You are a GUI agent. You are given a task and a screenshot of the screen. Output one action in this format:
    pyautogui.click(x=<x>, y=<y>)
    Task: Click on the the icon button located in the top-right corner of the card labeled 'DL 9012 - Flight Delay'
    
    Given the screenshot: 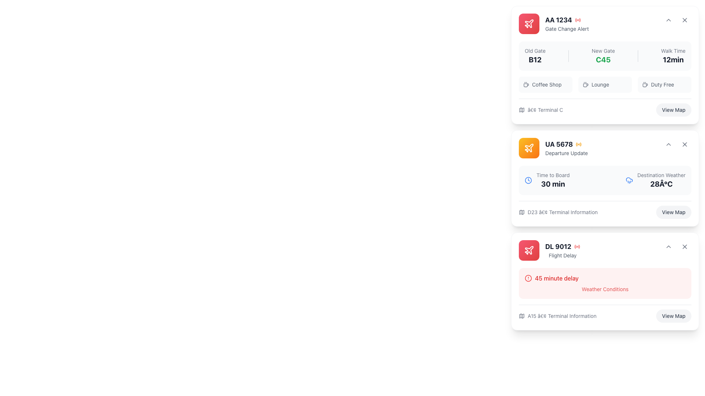 What is the action you would take?
    pyautogui.click(x=668, y=246)
    